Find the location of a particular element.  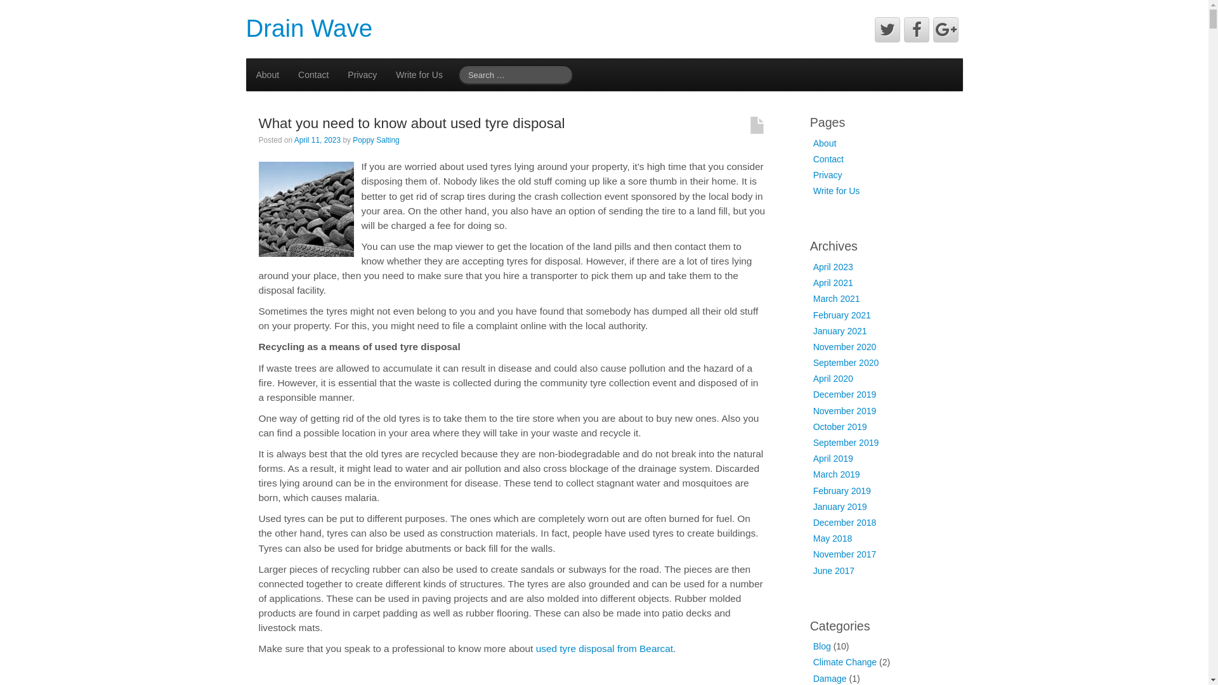

'About' is located at coordinates (825, 143).